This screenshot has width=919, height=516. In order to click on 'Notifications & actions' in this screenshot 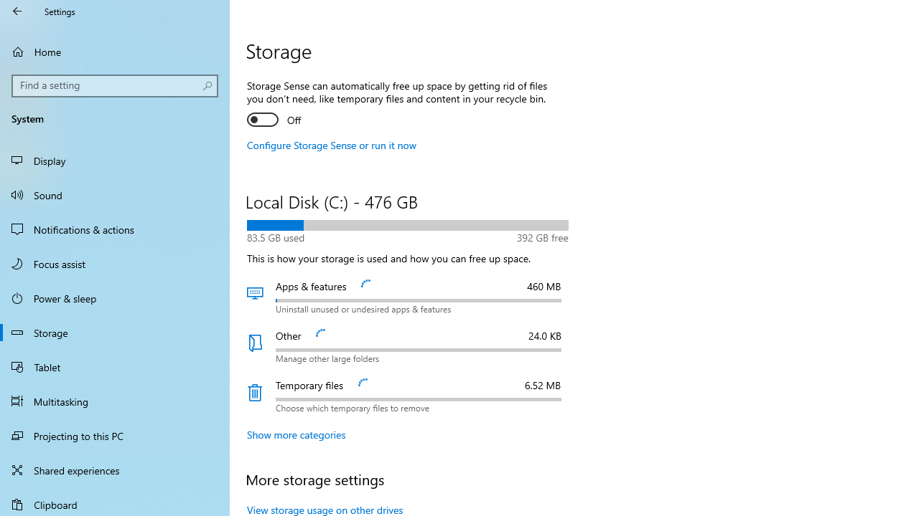, I will do `click(115, 229)`.